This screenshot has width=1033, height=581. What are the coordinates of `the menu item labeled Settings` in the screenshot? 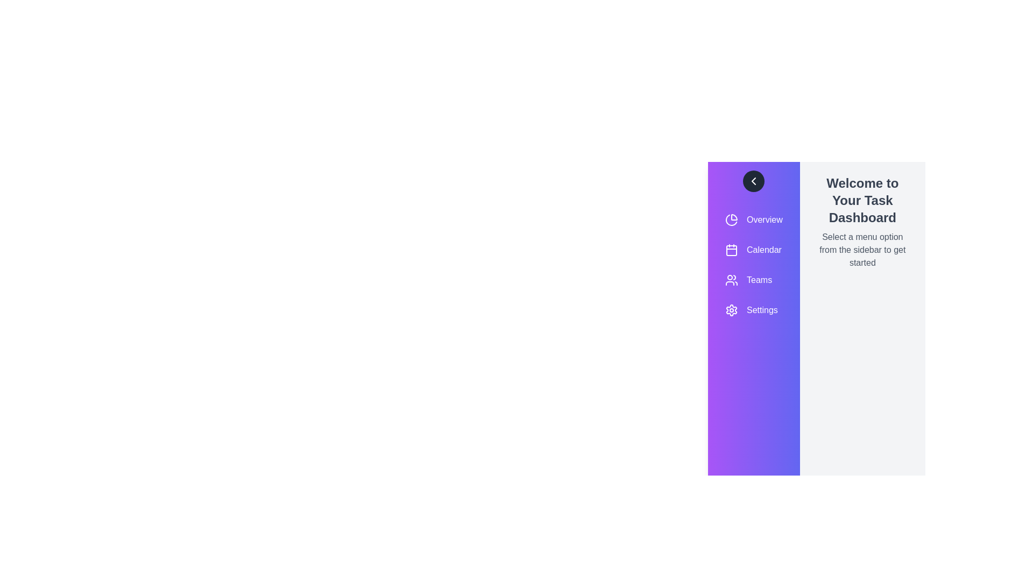 It's located at (753, 310).